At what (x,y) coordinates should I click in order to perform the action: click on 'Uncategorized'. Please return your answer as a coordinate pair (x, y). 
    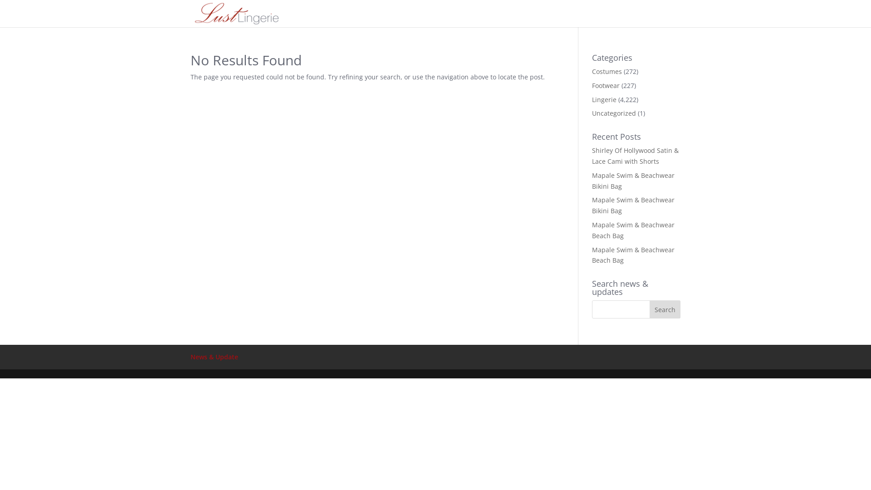
    Looking at the image, I should click on (614, 113).